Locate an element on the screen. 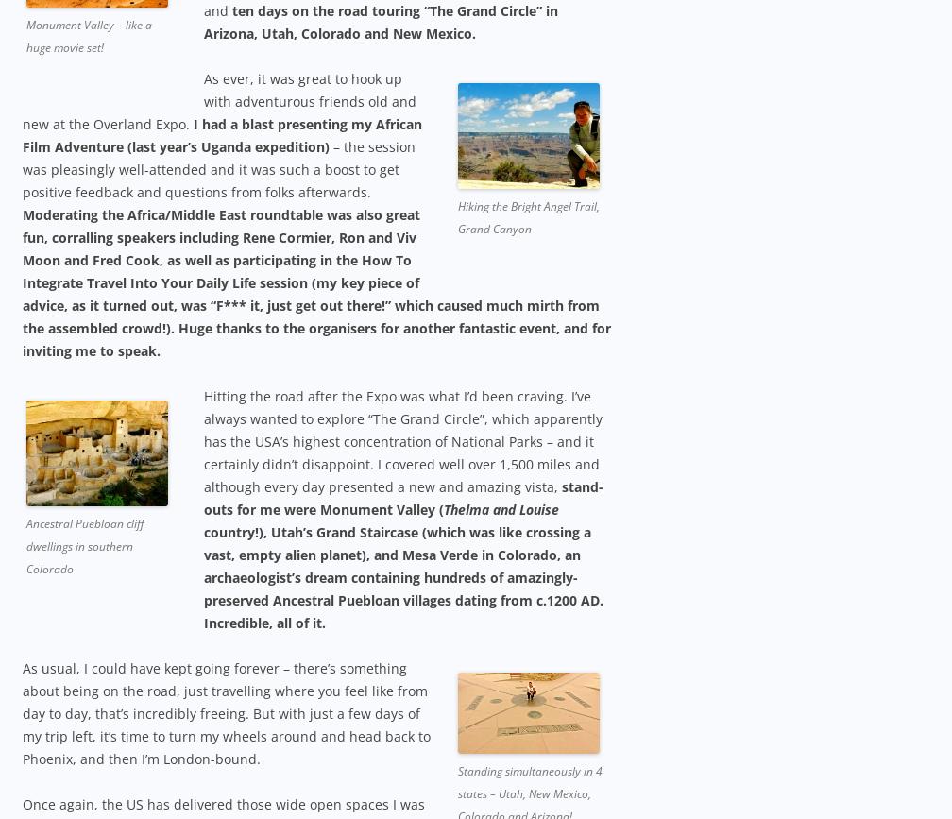 The image size is (952, 819). 'Thelma and Louise' is located at coordinates (501, 507).